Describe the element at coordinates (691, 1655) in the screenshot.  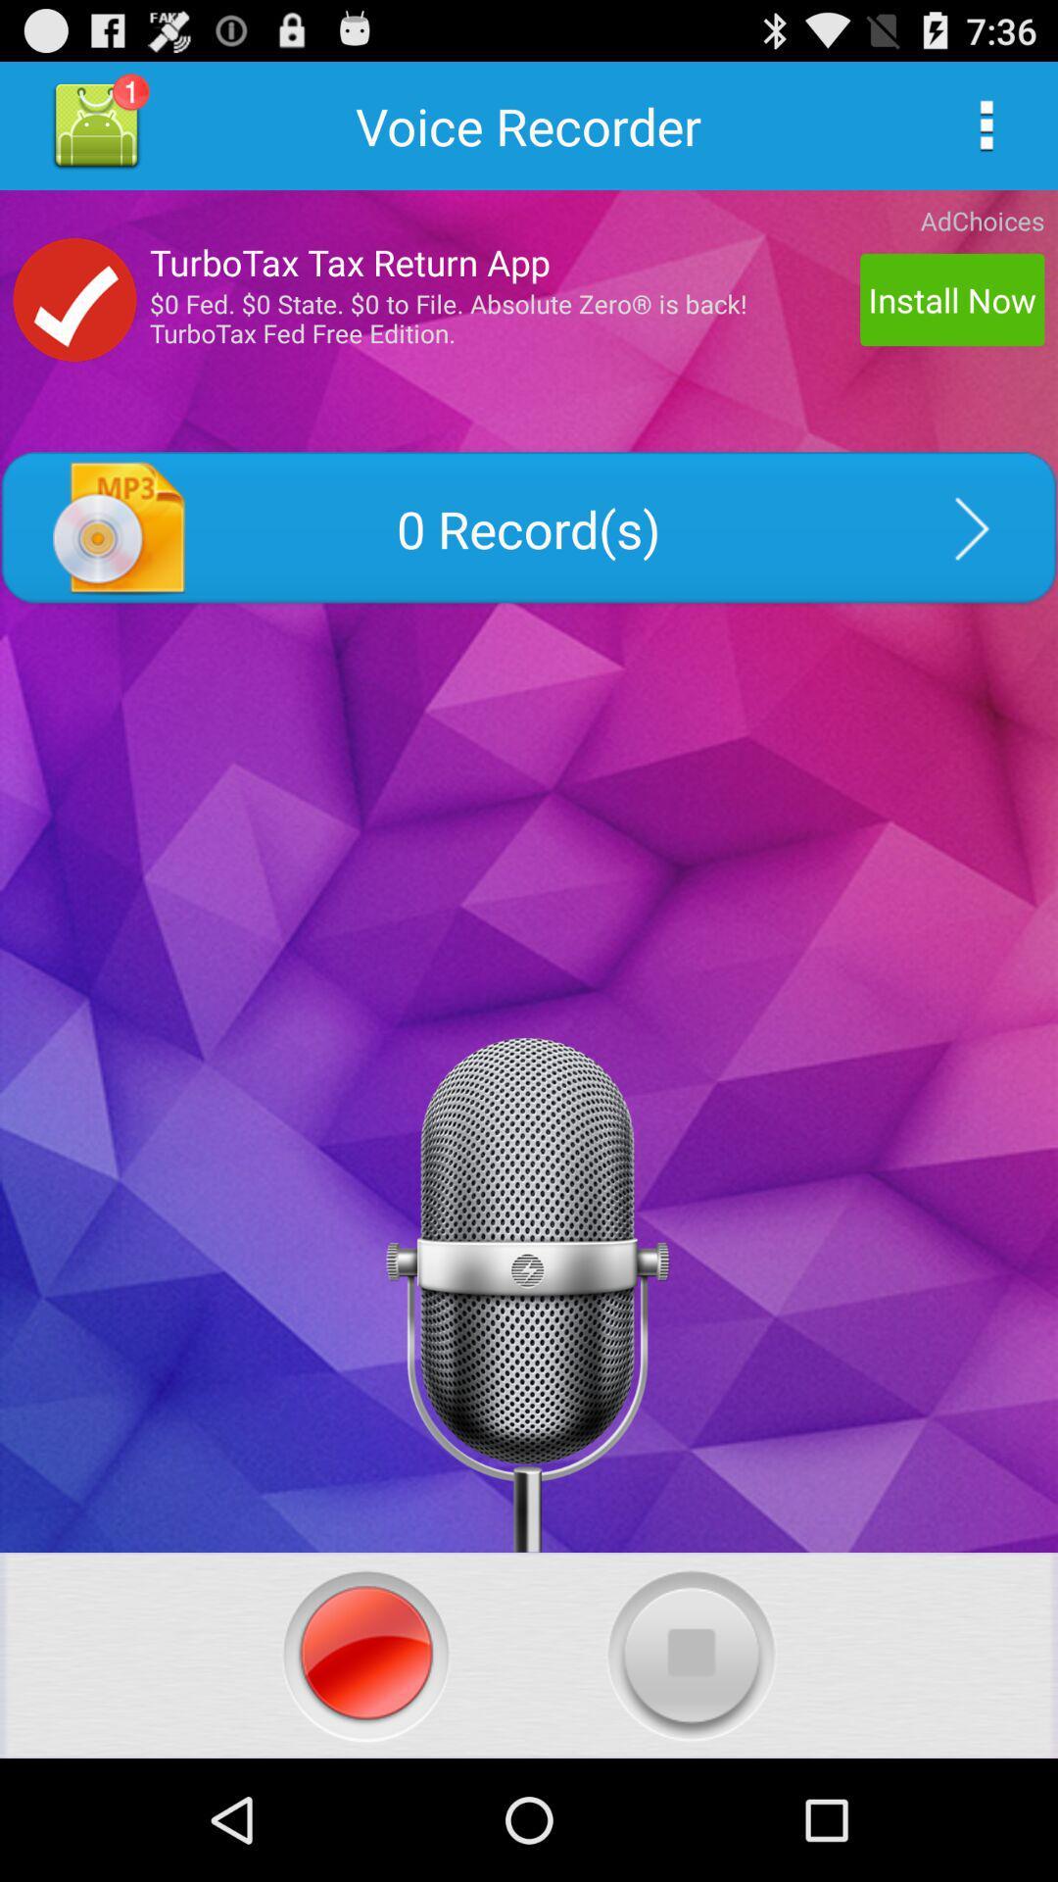
I see `stop` at that location.